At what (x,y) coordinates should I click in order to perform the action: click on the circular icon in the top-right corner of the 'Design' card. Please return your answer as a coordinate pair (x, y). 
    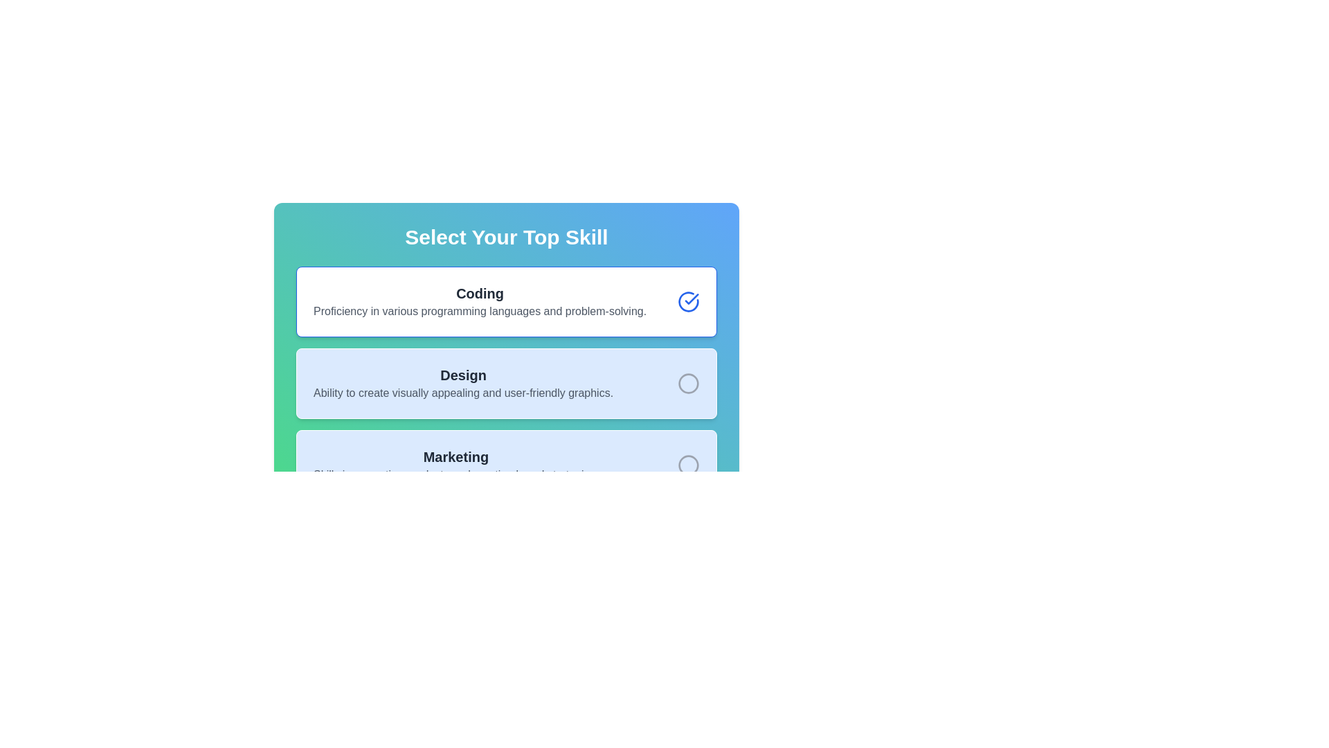
    Looking at the image, I should click on (688, 384).